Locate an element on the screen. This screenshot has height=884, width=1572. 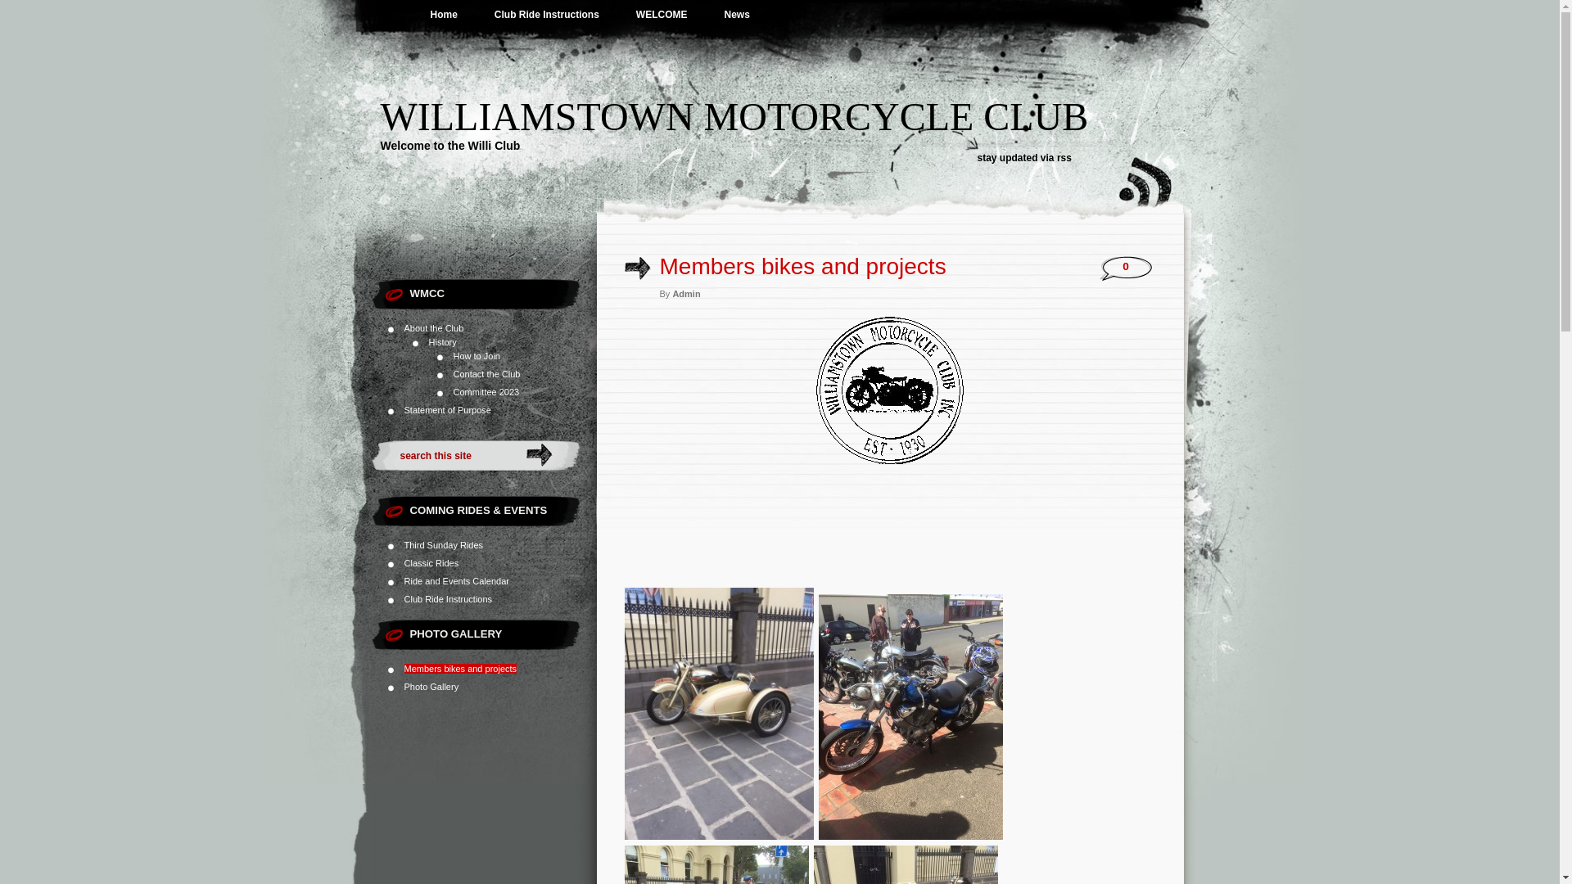
'Home' is located at coordinates (444, 15).